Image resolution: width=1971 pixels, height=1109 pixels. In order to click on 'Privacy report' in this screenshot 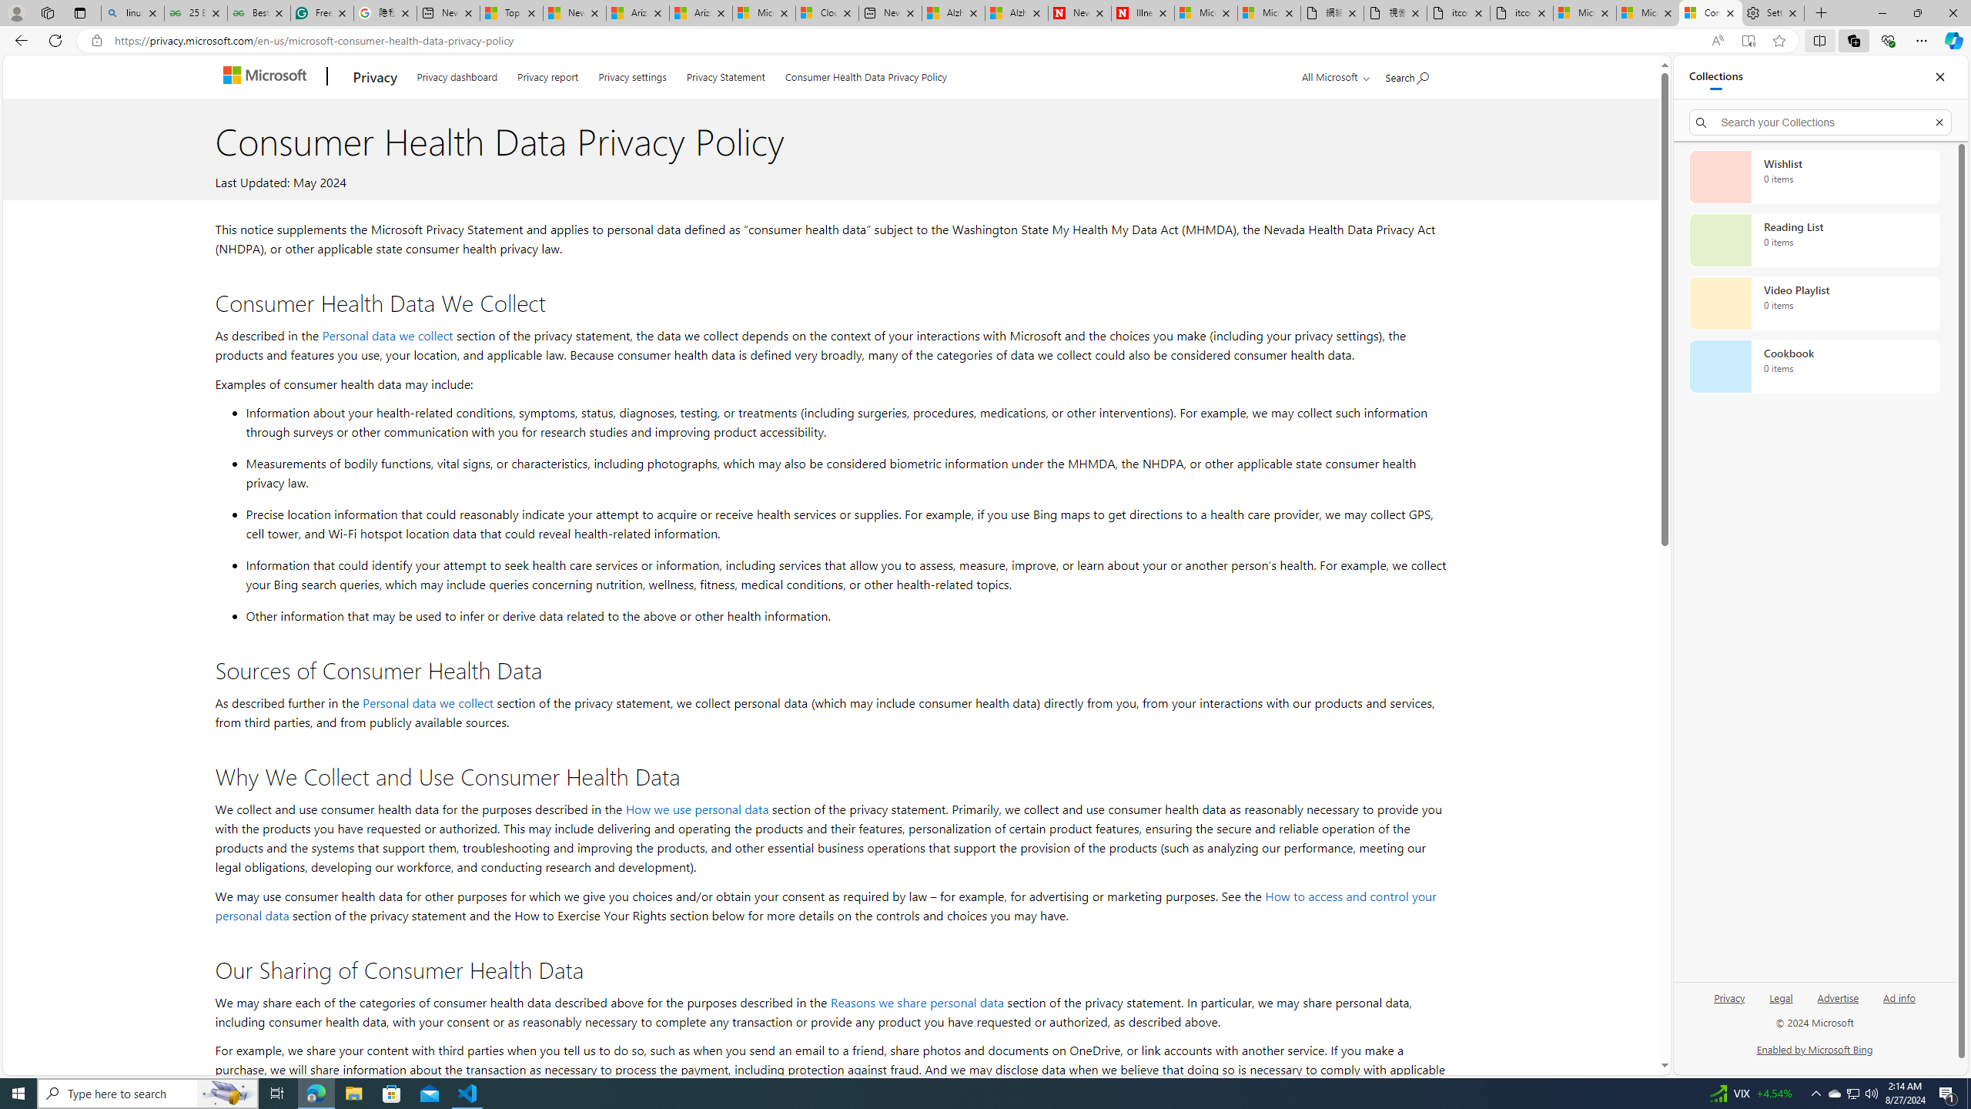, I will do `click(547, 74)`.